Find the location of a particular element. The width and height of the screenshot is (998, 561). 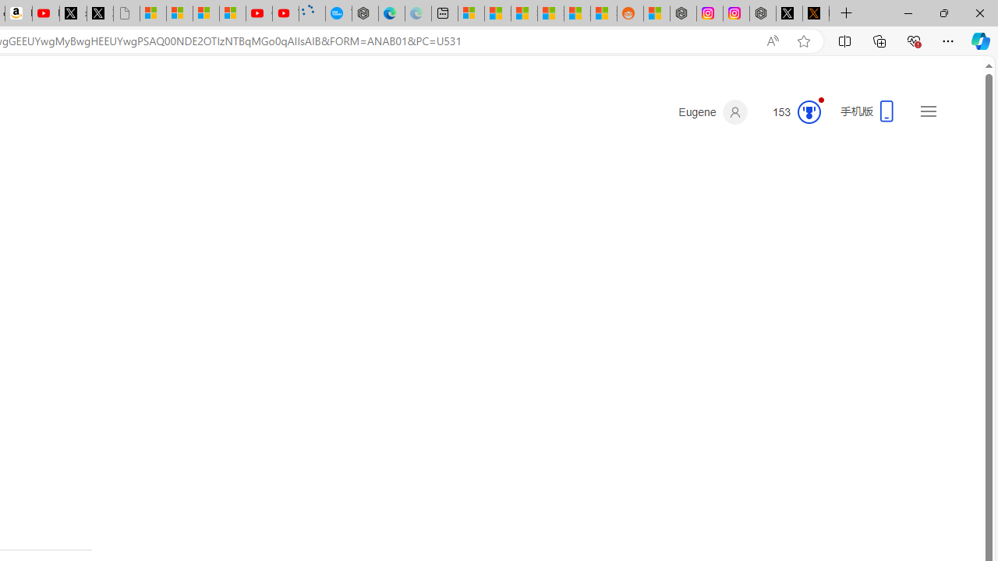

'Eugene' is located at coordinates (712, 111).